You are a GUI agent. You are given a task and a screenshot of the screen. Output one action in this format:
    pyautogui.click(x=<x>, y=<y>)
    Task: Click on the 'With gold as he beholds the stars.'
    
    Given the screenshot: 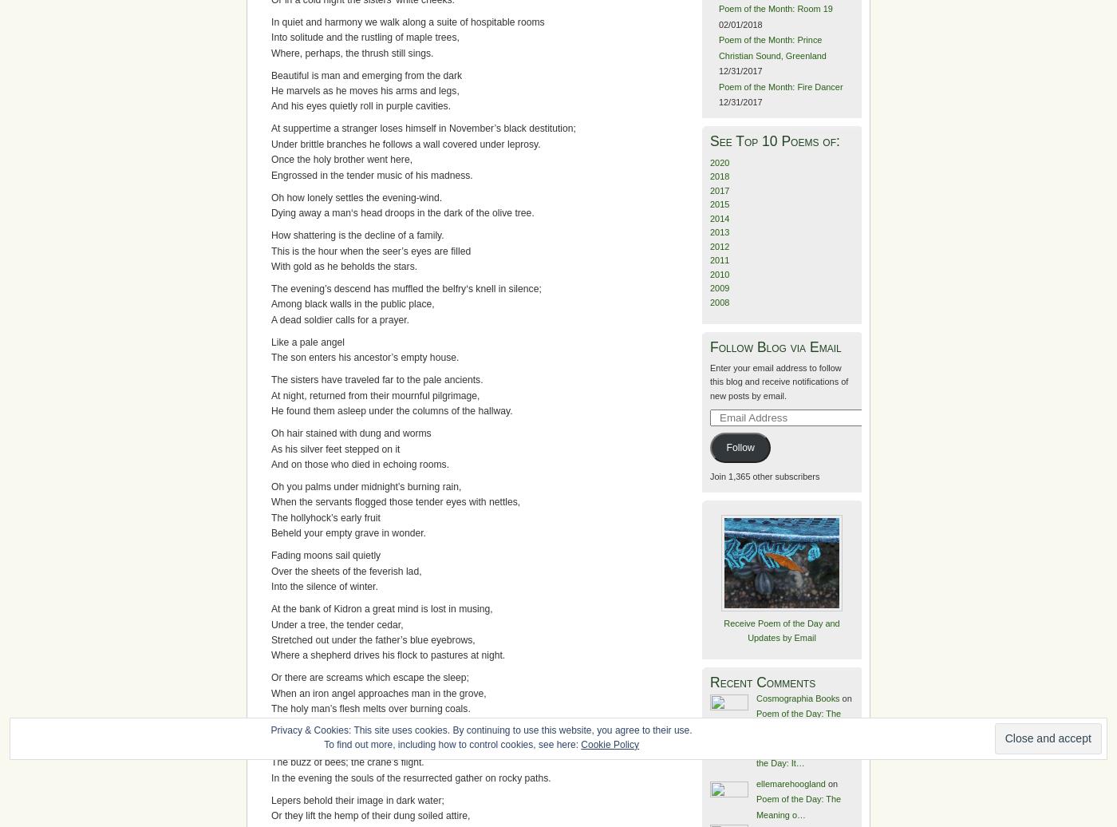 What is the action you would take?
    pyautogui.click(x=344, y=267)
    